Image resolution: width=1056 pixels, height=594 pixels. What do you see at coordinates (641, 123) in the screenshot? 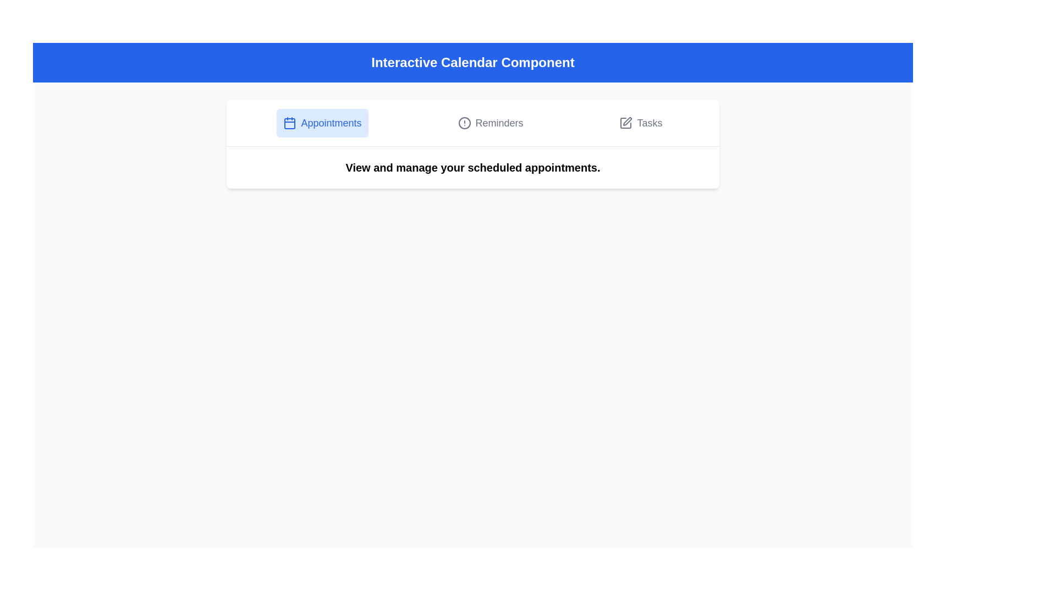
I see `the Tasks tab` at bounding box center [641, 123].